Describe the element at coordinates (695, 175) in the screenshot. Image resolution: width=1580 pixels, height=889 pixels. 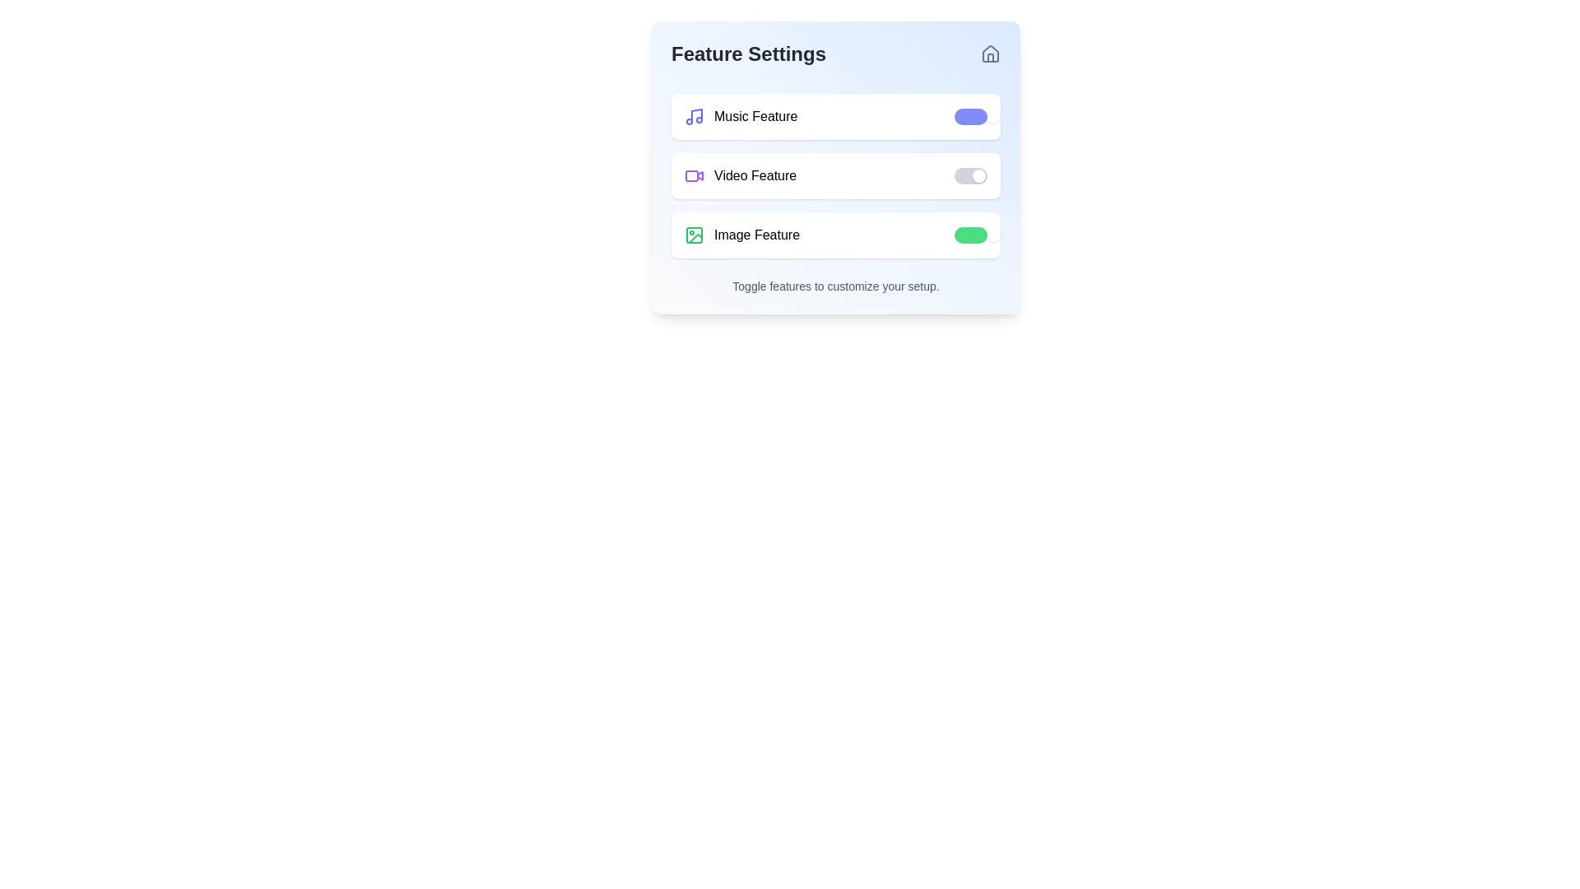
I see `the video feature setting icon located next to the 'Video Feature' label in the second row of the feature settings list` at that location.